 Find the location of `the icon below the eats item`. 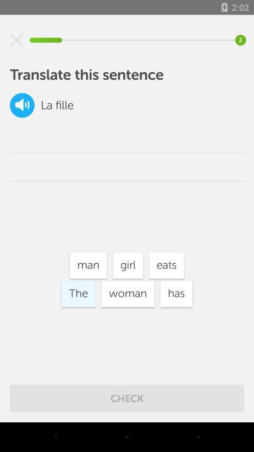

the icon below the eats item is located at coordinates (176, 293).